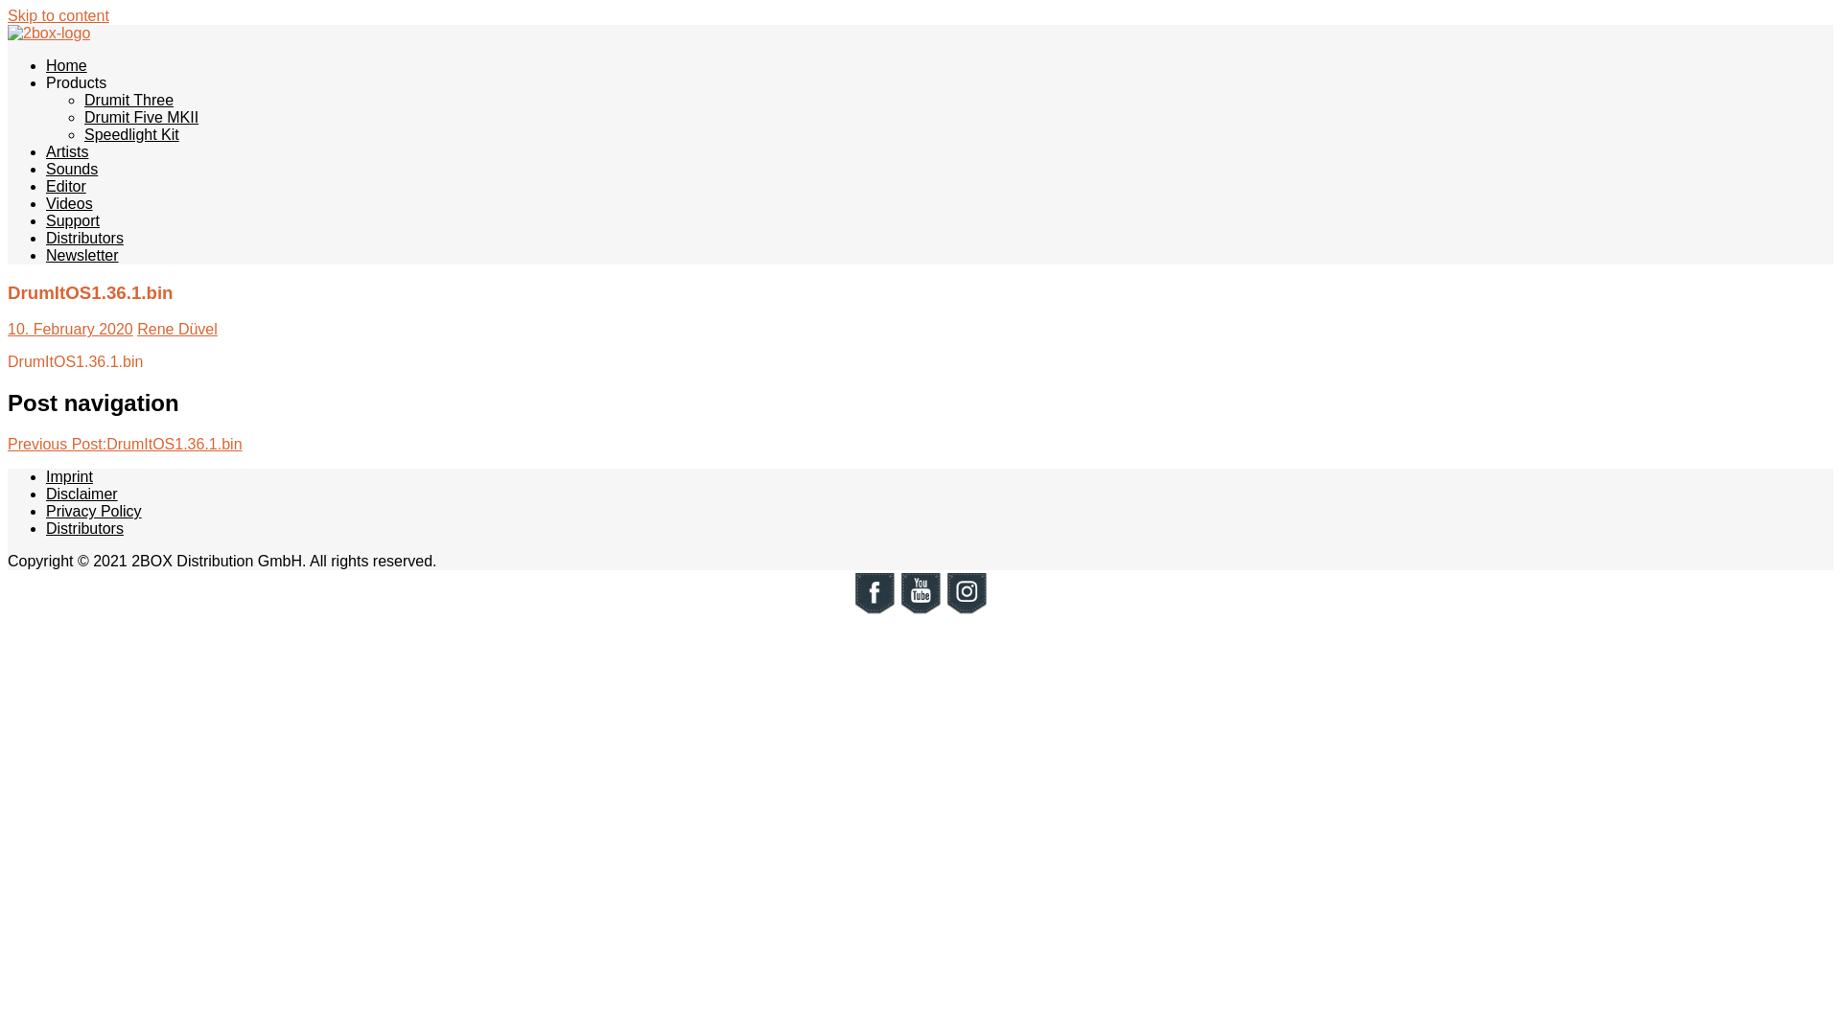  Describe the element at coordinates (65, 186) in the screenshot. I see `'Editor'` at that location.